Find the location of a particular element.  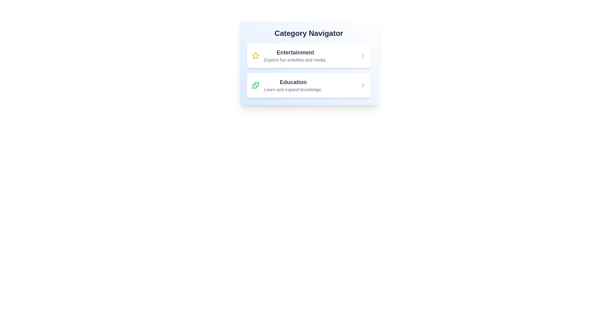

the first list item is located at coordinates (309, 56).